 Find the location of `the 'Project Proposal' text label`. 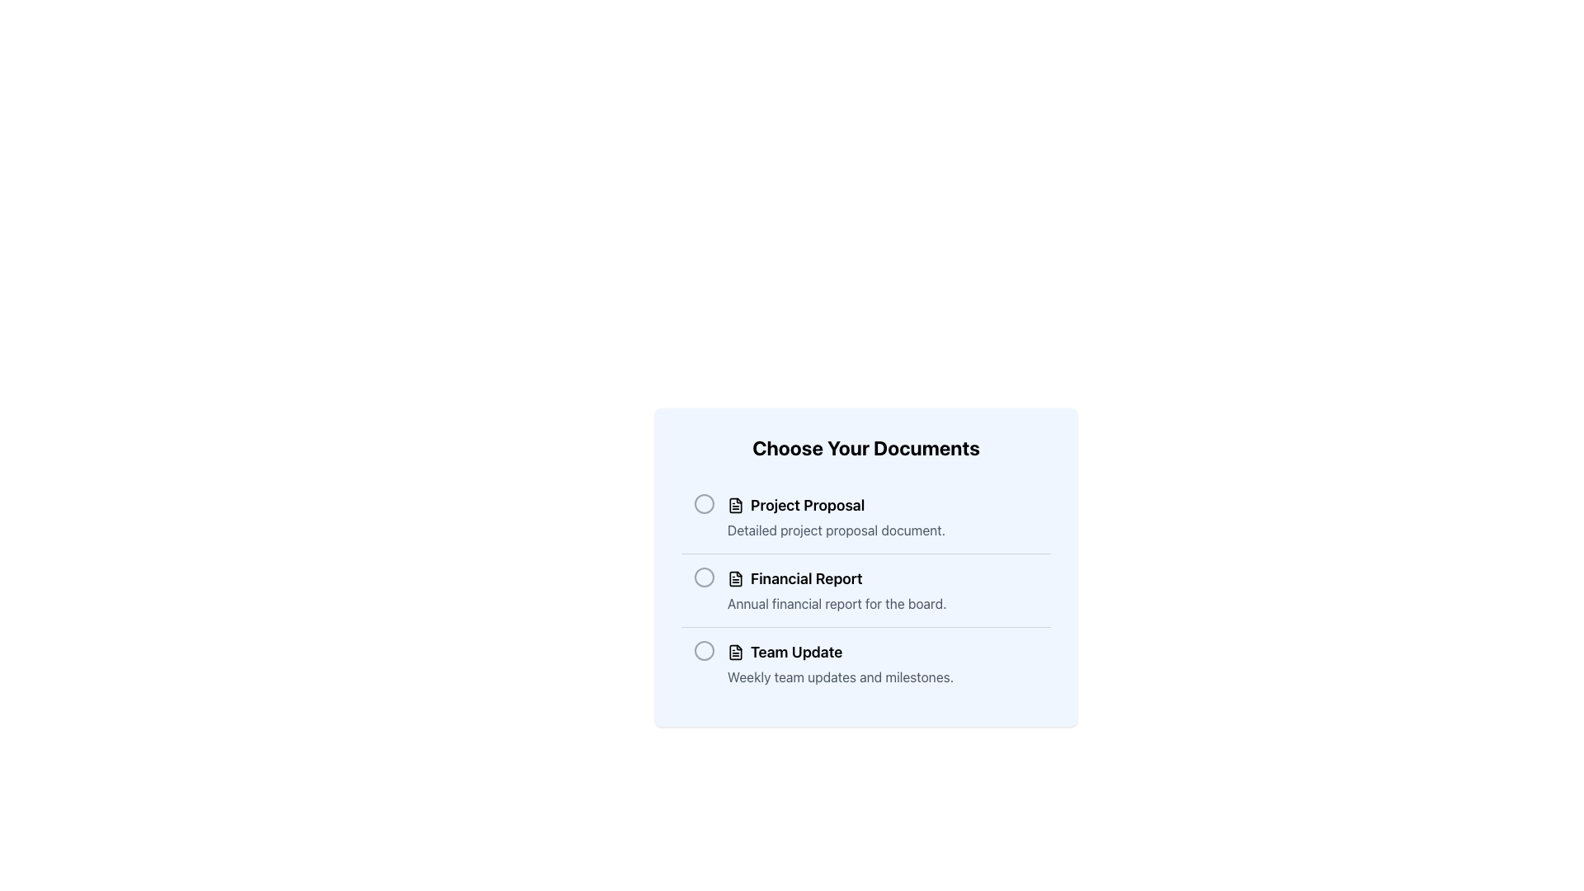

the 'Project Proposal' text label is located at coordinates (837, 505).